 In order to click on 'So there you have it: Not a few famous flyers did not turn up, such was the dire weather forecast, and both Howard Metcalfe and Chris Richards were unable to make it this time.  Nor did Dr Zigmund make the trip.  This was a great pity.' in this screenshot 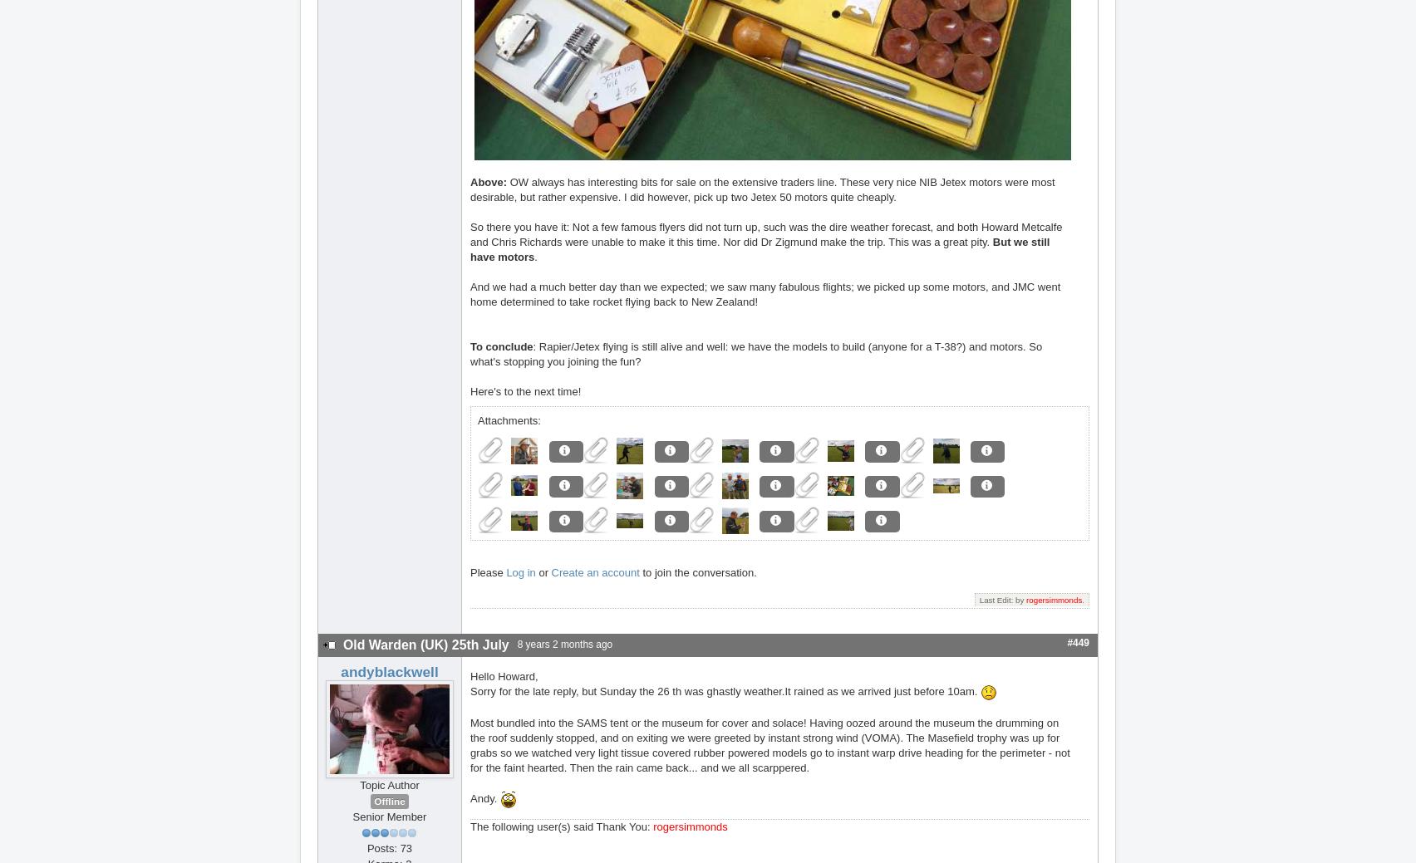, I will do `click(766, 234)`.